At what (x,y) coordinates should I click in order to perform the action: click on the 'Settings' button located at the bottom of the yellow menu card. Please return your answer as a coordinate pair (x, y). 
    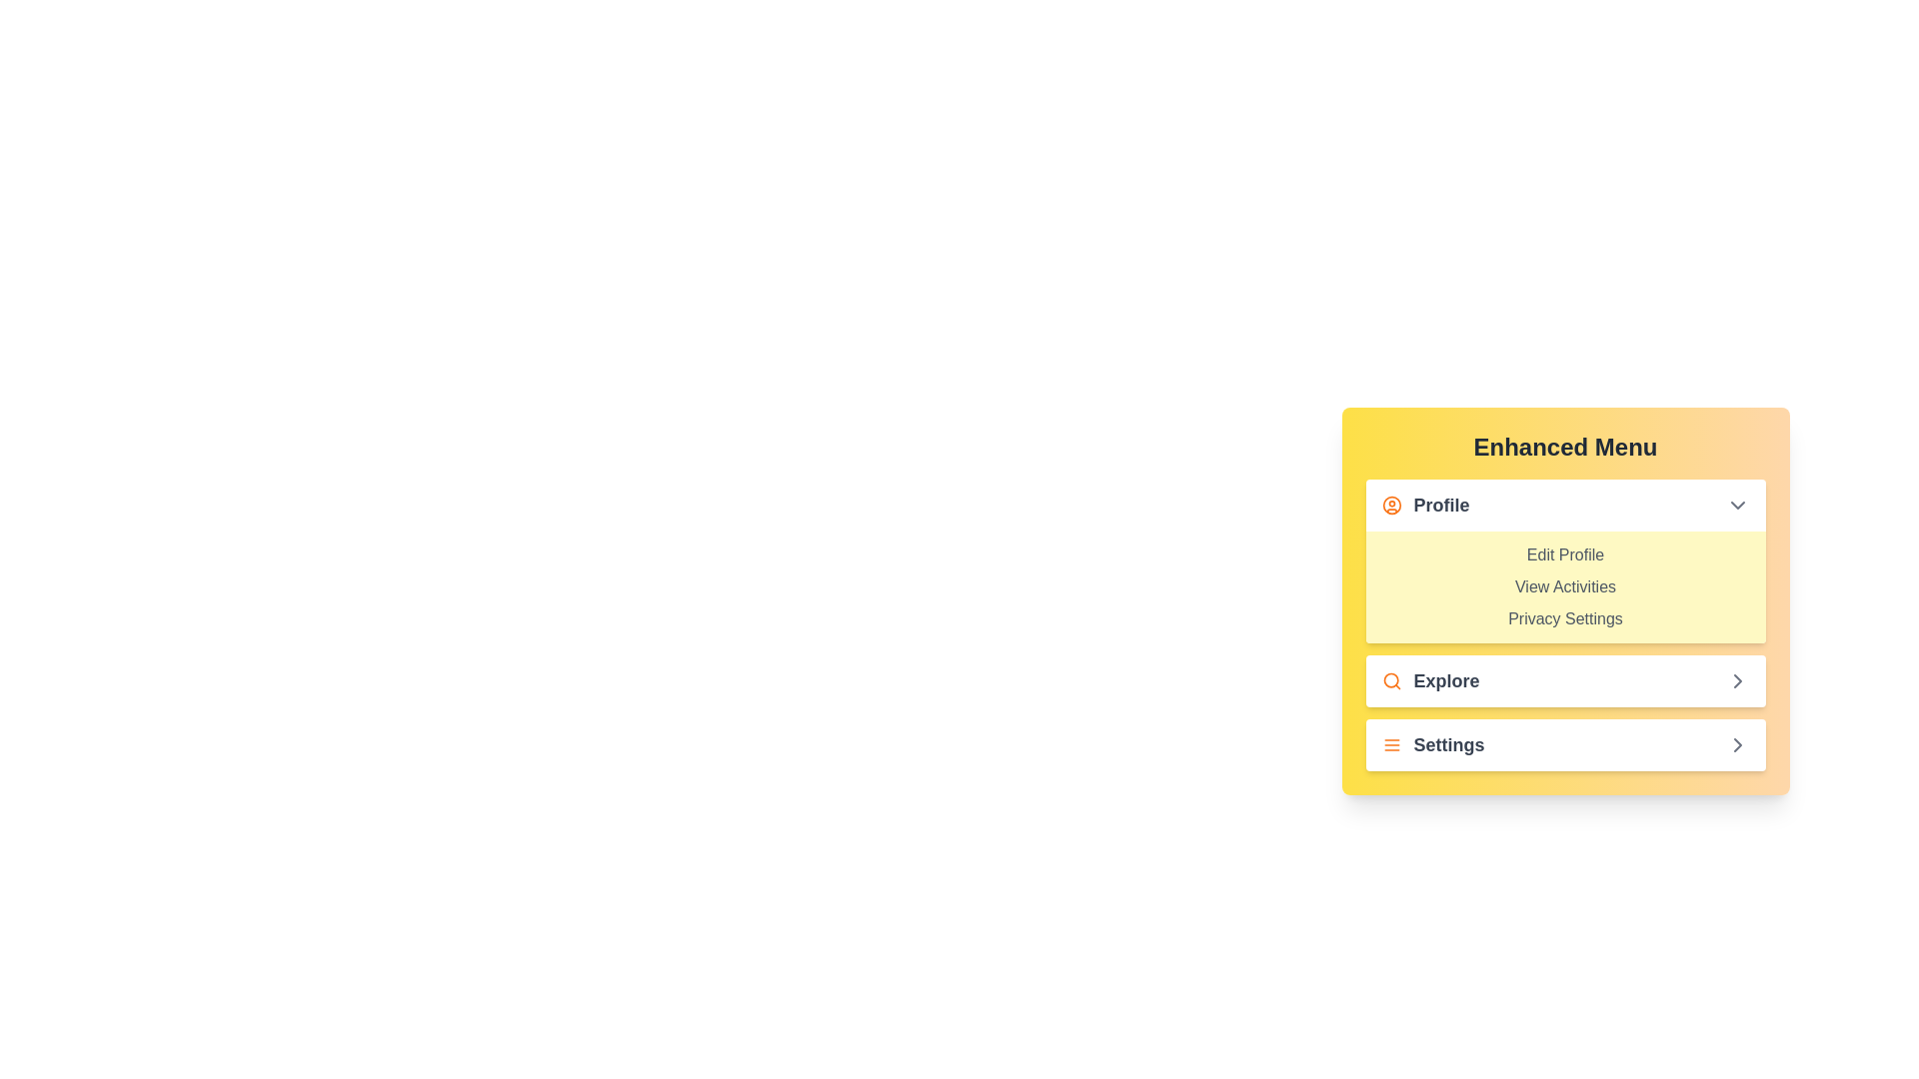
    Looking at the image, I should click on (1432, 744).